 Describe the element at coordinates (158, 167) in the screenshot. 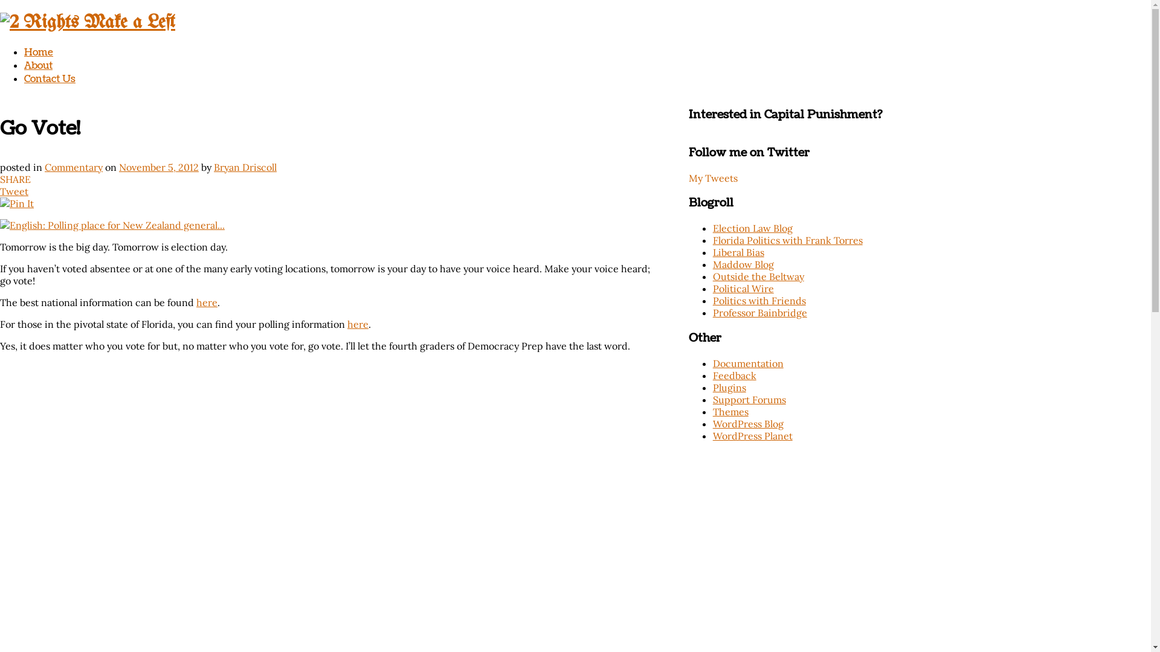

I see `'November 5, 2012'` at that location.